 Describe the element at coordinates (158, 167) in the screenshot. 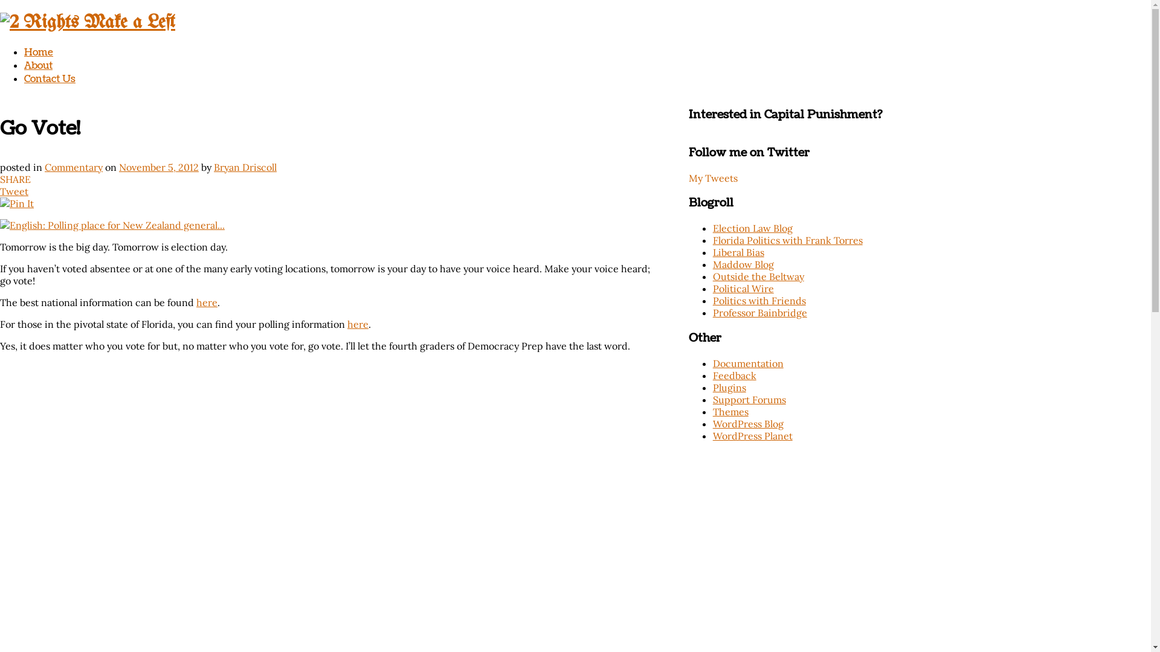

I see `'November 5, 2012'` at that location.